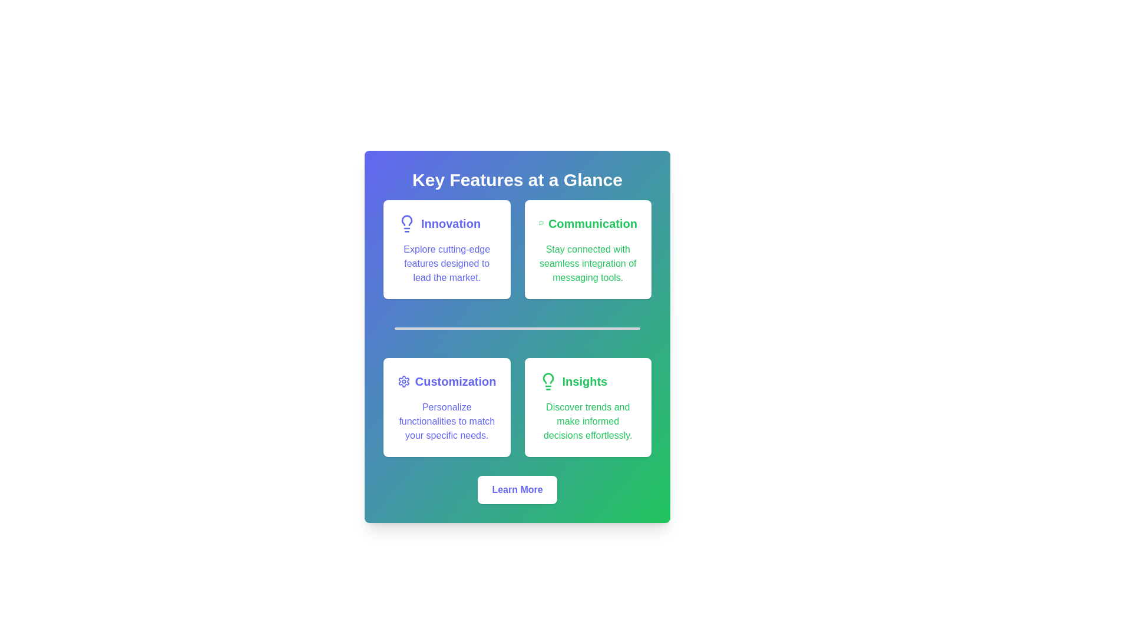 This screenshot has height=636, width=1131. Describe the element at coordinates (588, 263) in the screenshot. I see `the text block displaying 'Stay connected with seamless integration of messaging tools.' styled in green font, located below the title 'Communication' in the upper-right quadrant of the layout` at that location.